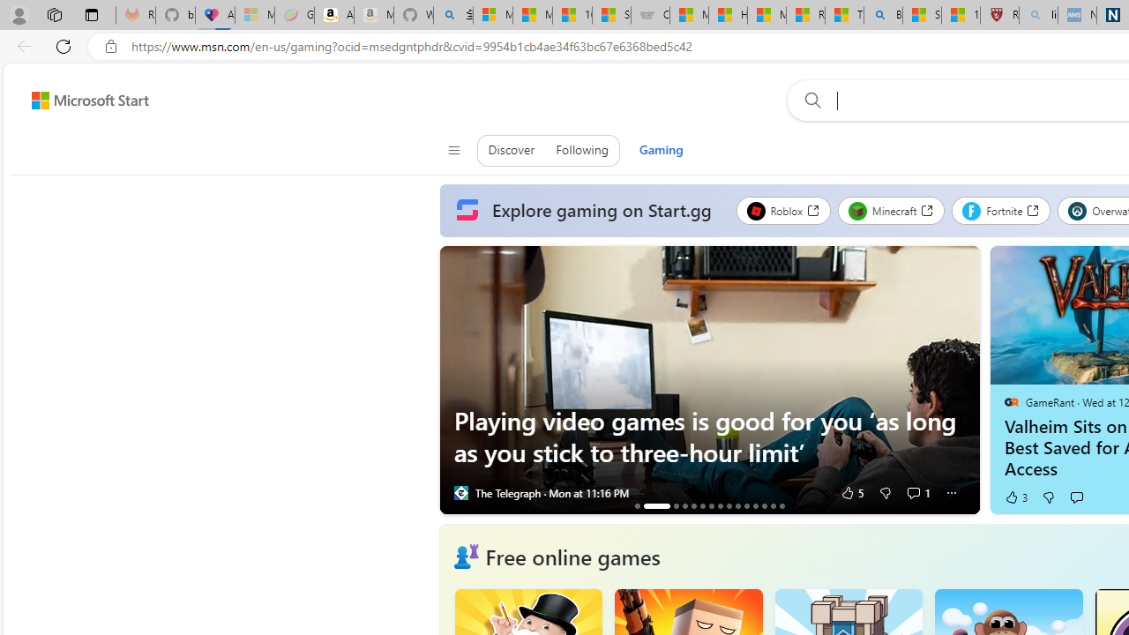 The height and width of the screenshot is (635, 1129). What do you see at coordinates (999, 15) in the screenshot?
I see `'Robert H. Shmerling, MD - Harvard Health'` at bounding box center [999, 15].